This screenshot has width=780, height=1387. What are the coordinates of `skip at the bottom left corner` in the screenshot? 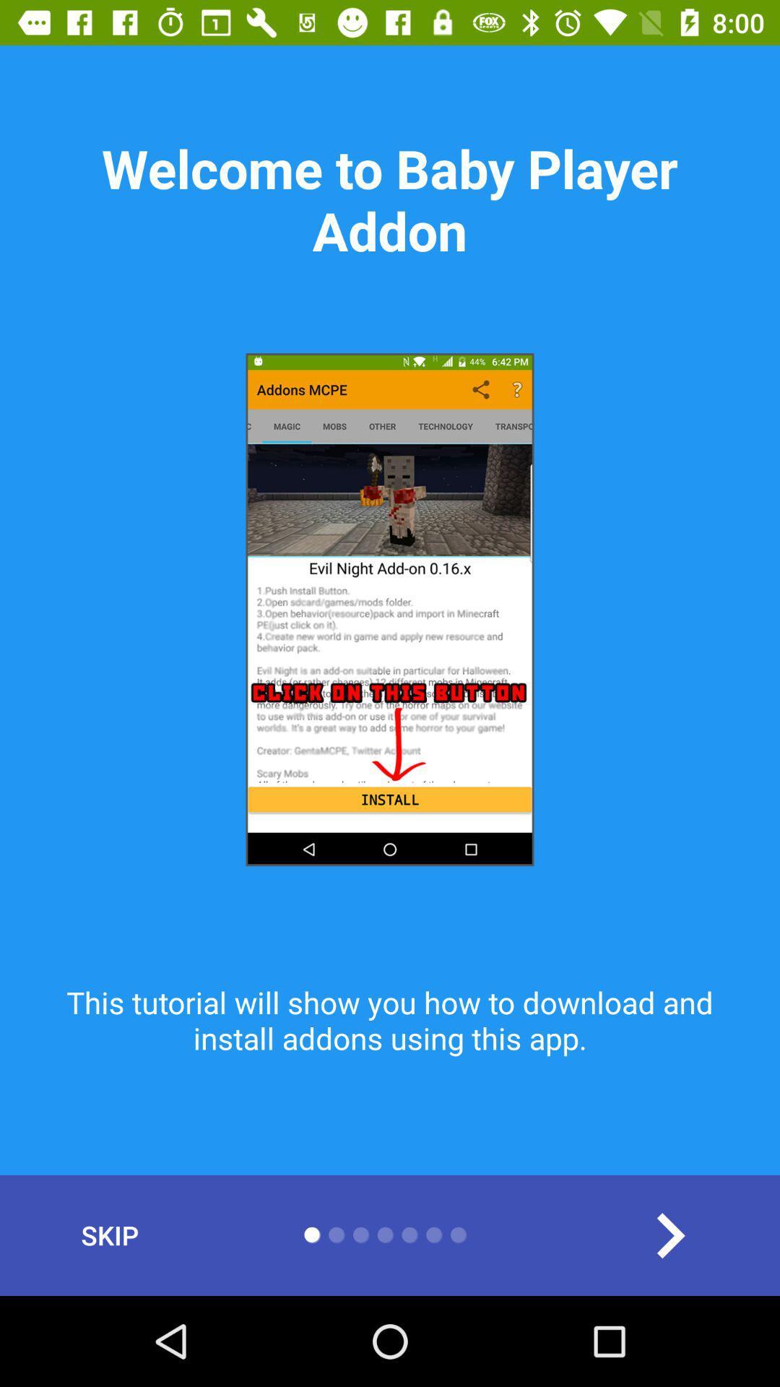 It's located at (109, 1235).